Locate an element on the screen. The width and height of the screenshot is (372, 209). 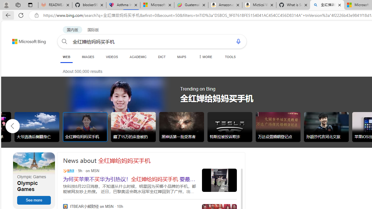
'Search button' is located at coordinates (65, 41).